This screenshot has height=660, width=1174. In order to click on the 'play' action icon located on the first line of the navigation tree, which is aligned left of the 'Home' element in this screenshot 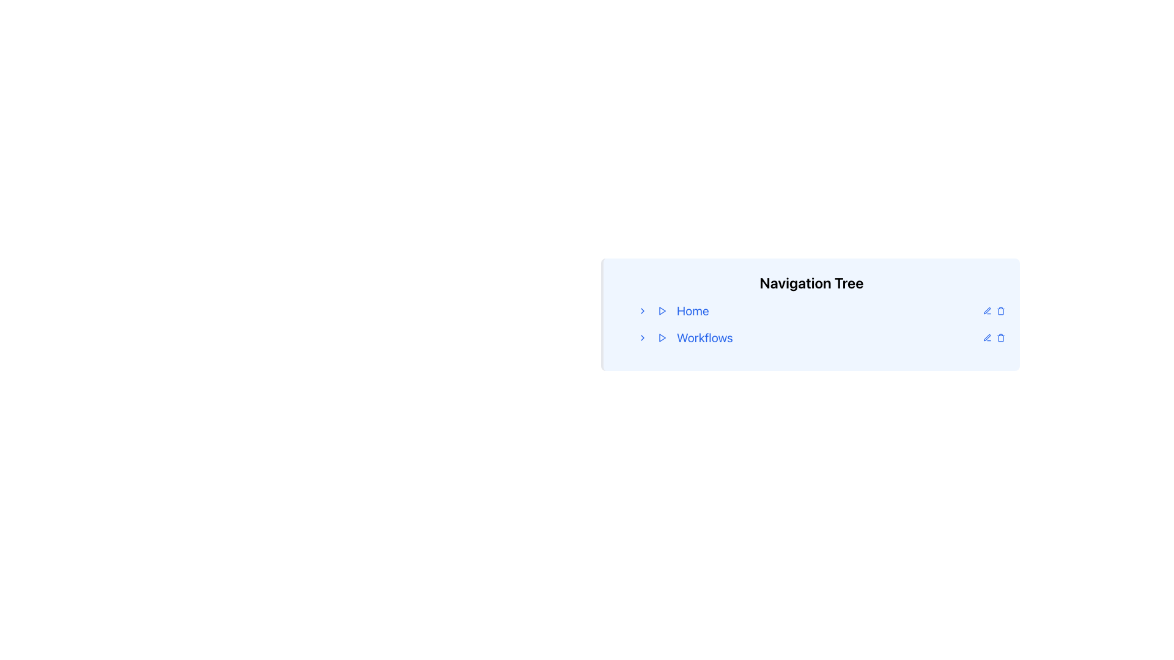, I will do `click(662, 310)`.